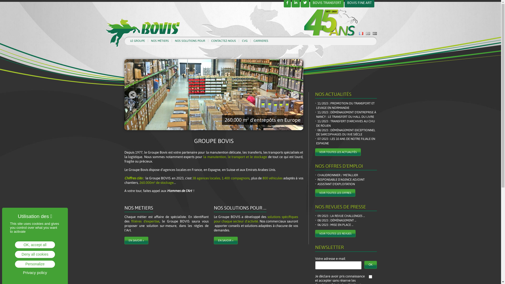 This screenshot has width=505, height=284. I want to click on 'fr', so click(361, 33).